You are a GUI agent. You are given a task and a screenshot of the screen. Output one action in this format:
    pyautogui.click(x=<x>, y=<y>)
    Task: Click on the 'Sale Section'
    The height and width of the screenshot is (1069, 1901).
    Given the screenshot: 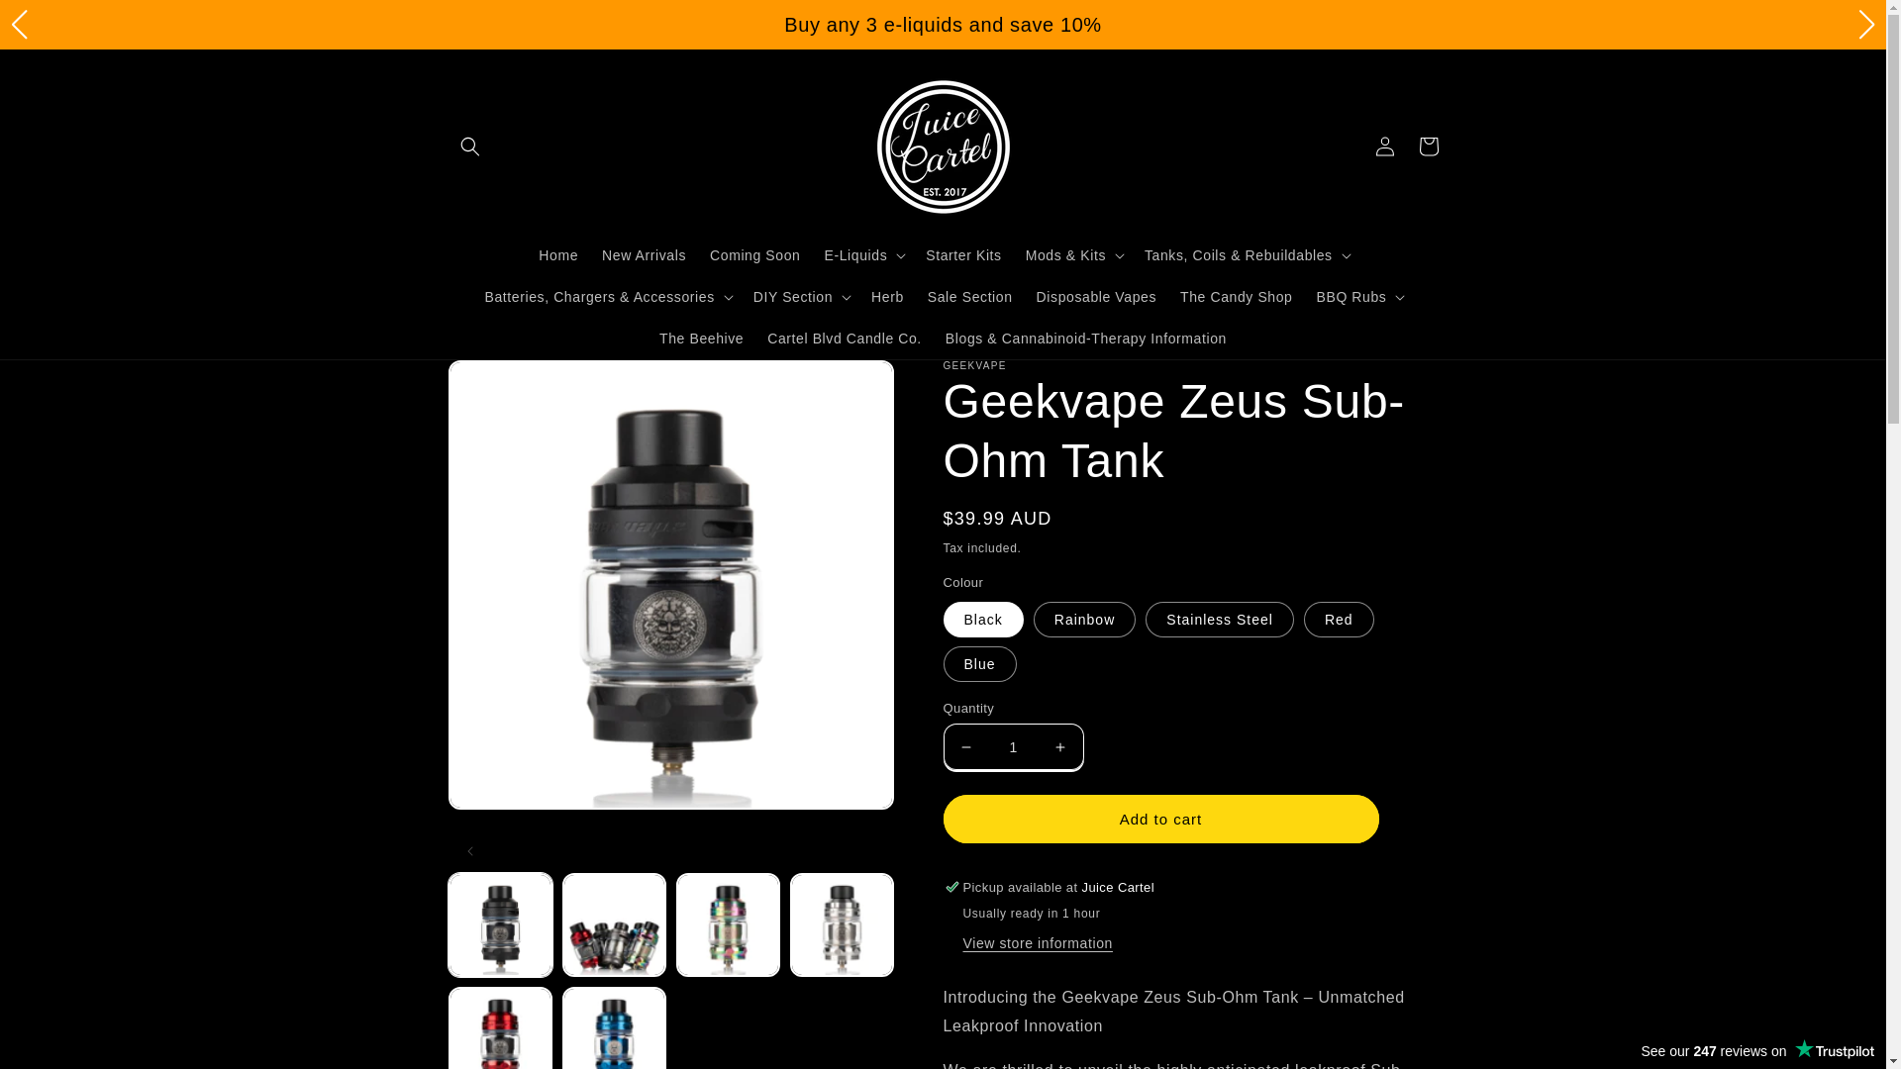 What is the action you would take?
    pyautogui.click(x=969, y=297)
    